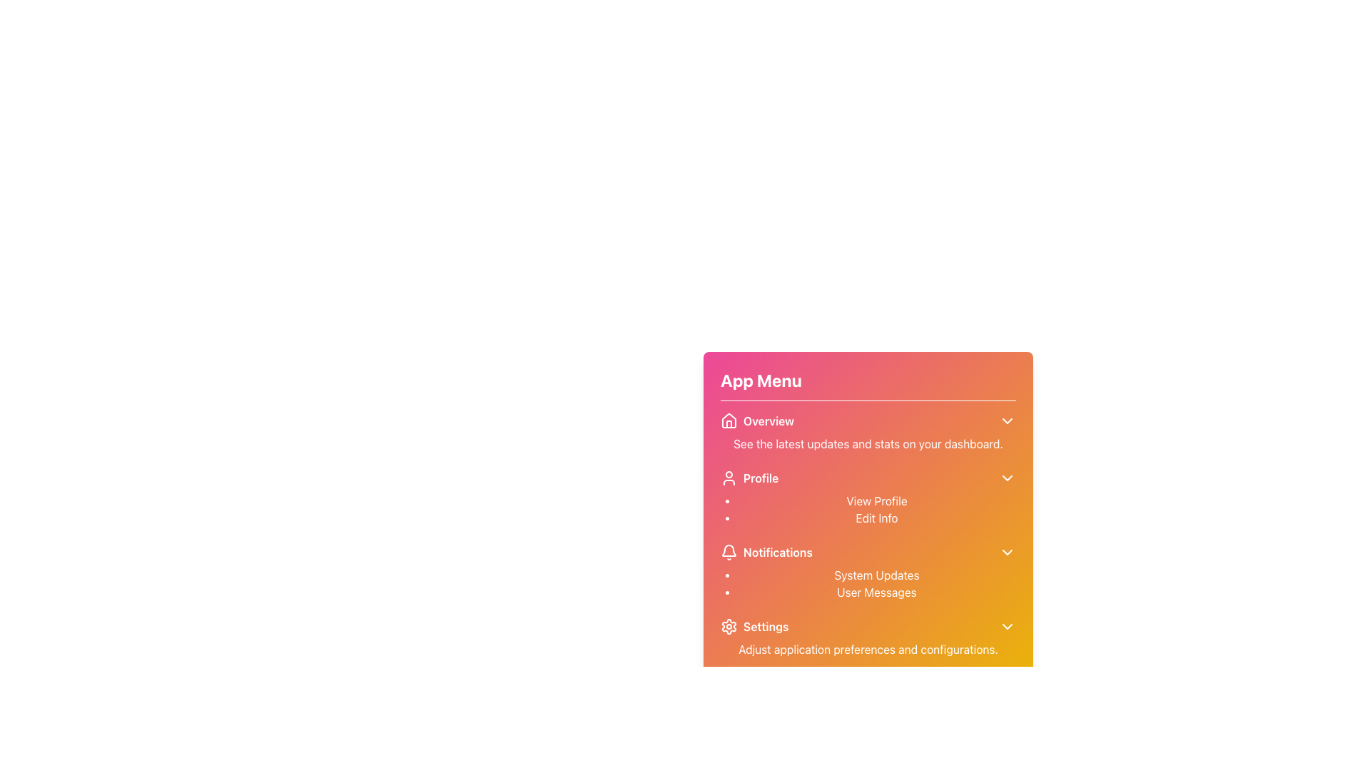  What do you see at coordinates (753, 626) in the screenshot?
I see `the 'Settings' navigation item, which is a bold textual label accompanied by a cogwheel icon` at bounding box center [753, 626].